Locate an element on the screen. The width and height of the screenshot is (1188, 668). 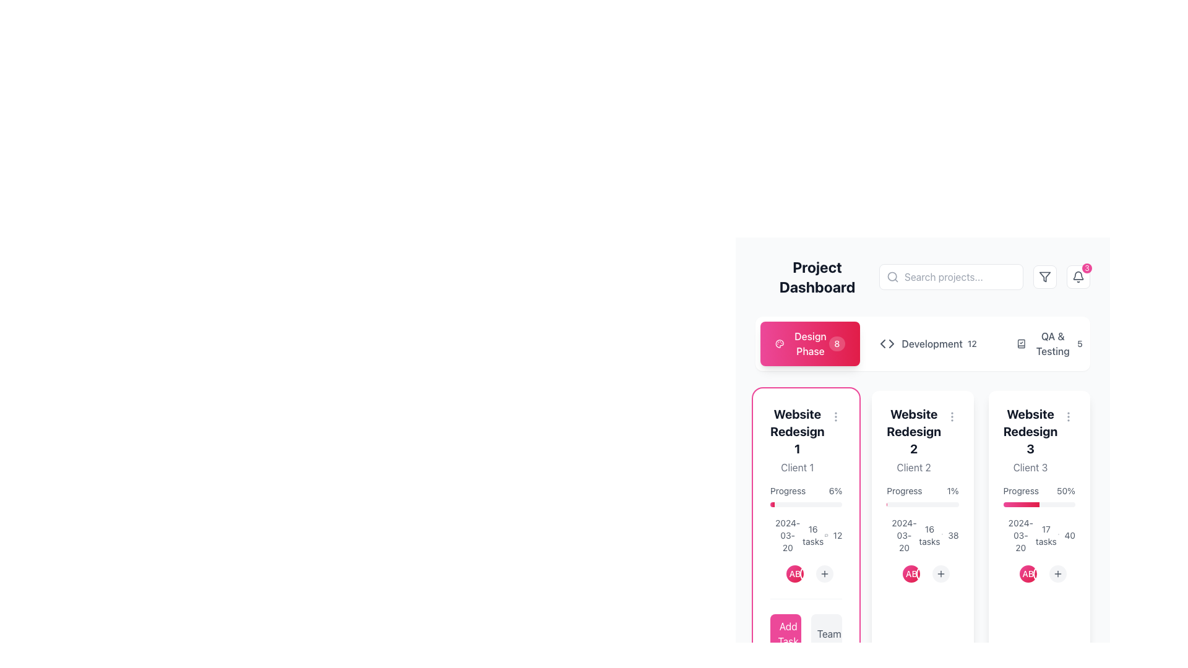
the text label displaying 'Progress' located in the rightmost card labeled 'Website Redesign 3', positioned above the '50%' percentage value and below the card's title is located at coordinates (1021, 490).